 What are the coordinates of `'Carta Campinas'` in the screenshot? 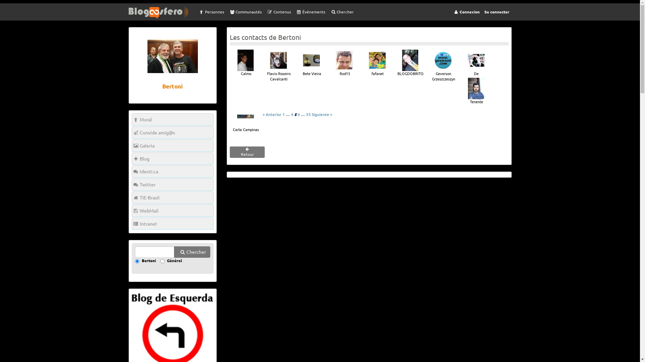 It's located at (230, 118).